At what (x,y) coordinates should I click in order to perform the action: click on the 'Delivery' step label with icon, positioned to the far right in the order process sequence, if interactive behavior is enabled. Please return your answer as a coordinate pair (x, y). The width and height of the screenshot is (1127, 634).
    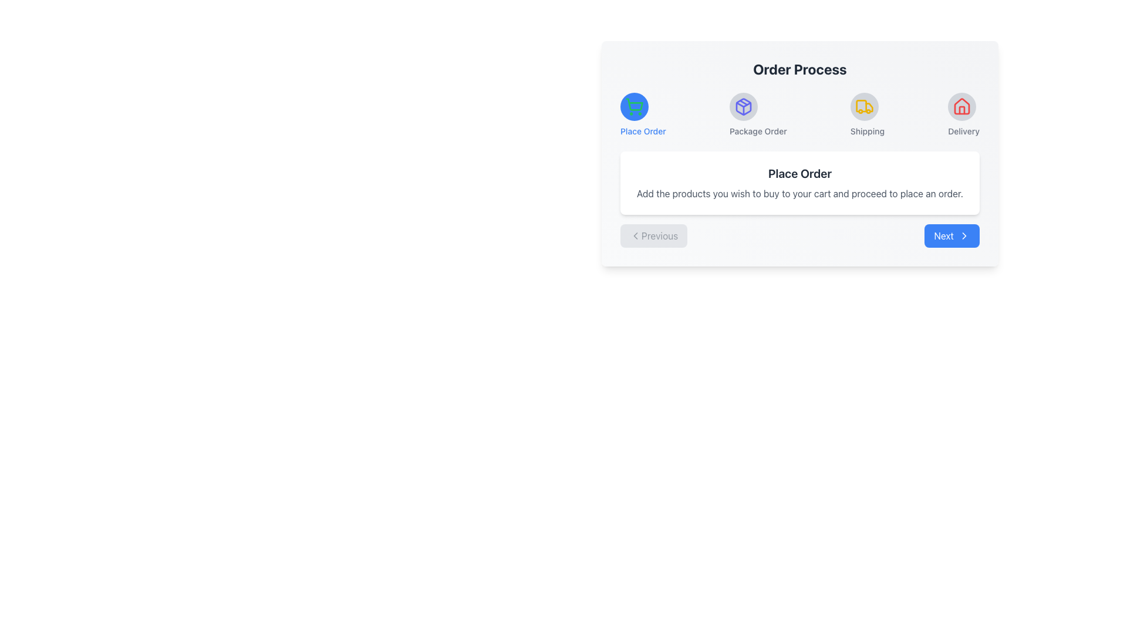
    Looking at the image, I should click on (964, 115).